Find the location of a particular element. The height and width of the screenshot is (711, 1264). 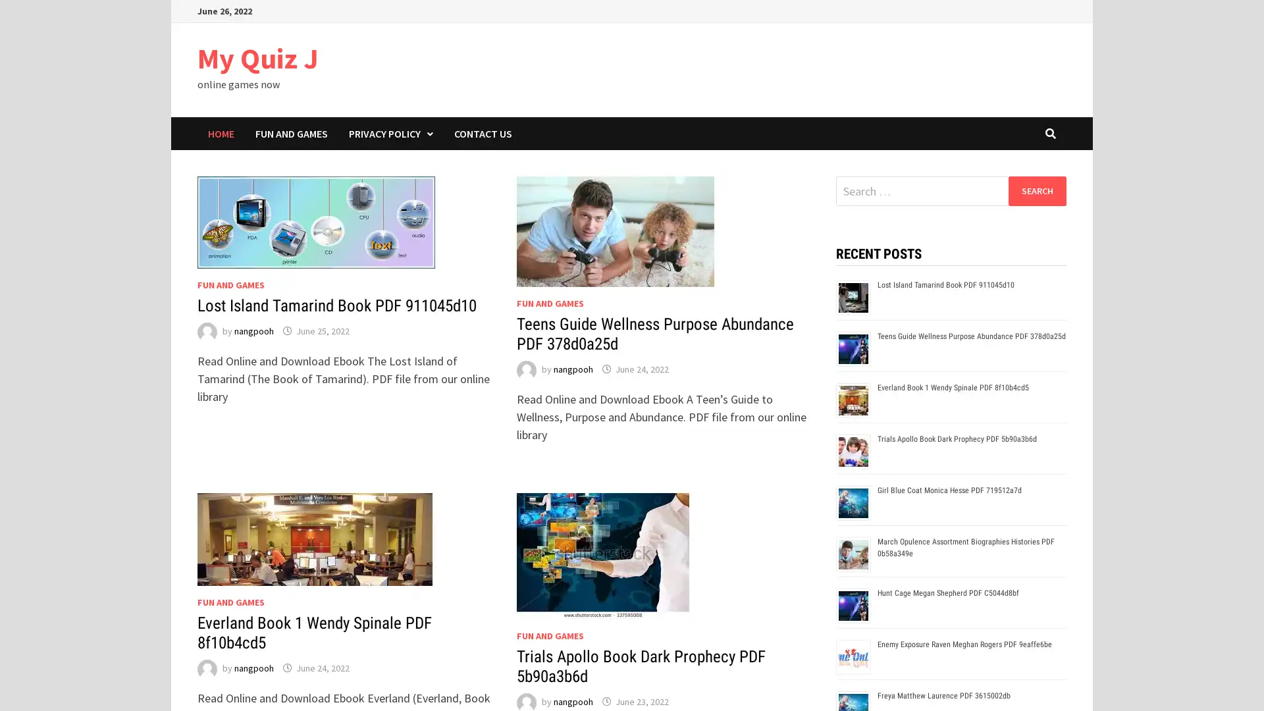

Search is located at coordinates (1036, 190).